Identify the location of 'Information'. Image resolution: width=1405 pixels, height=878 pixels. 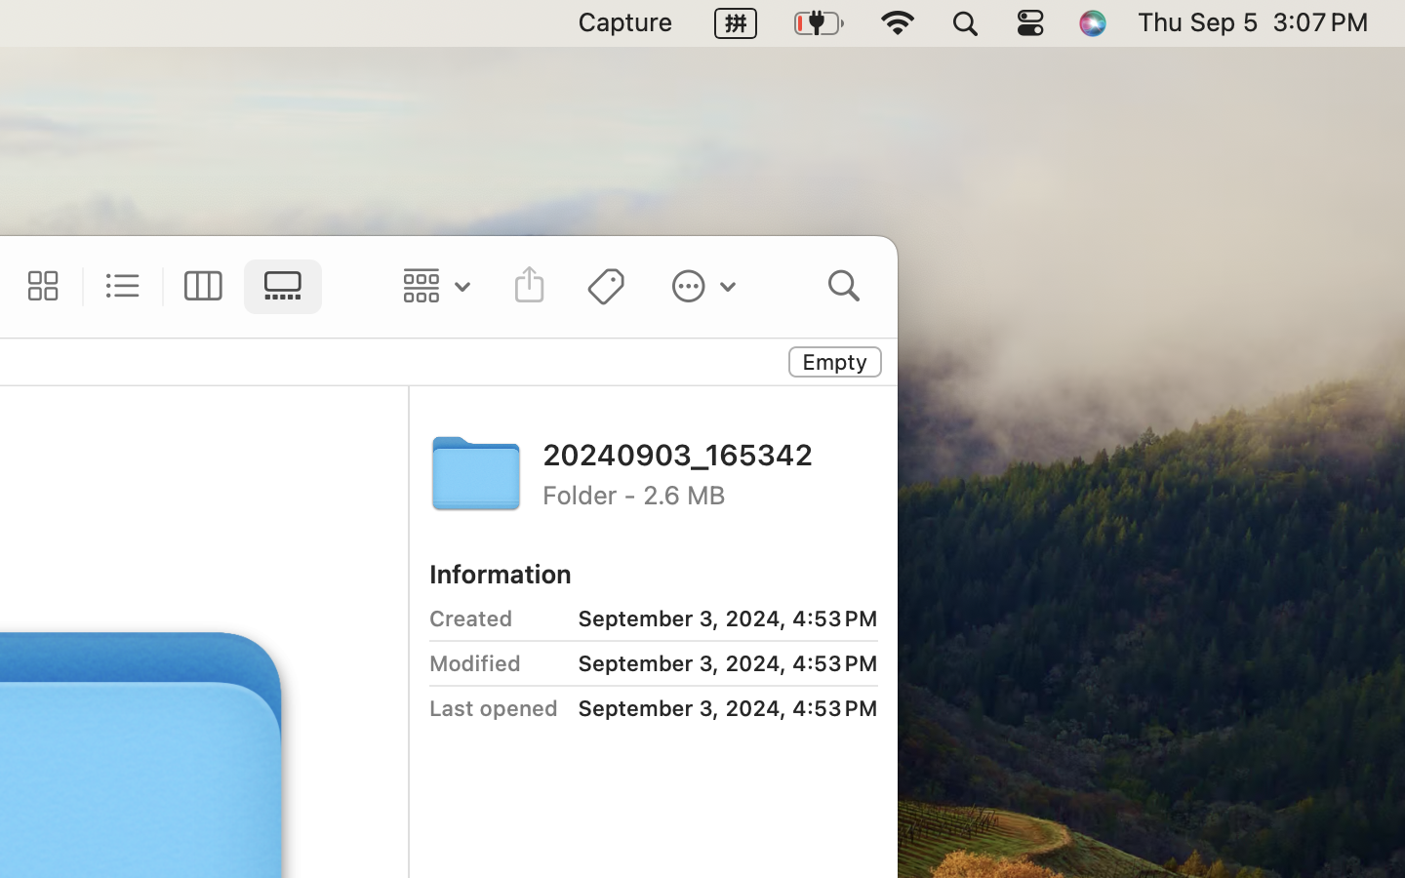
(499, 573).